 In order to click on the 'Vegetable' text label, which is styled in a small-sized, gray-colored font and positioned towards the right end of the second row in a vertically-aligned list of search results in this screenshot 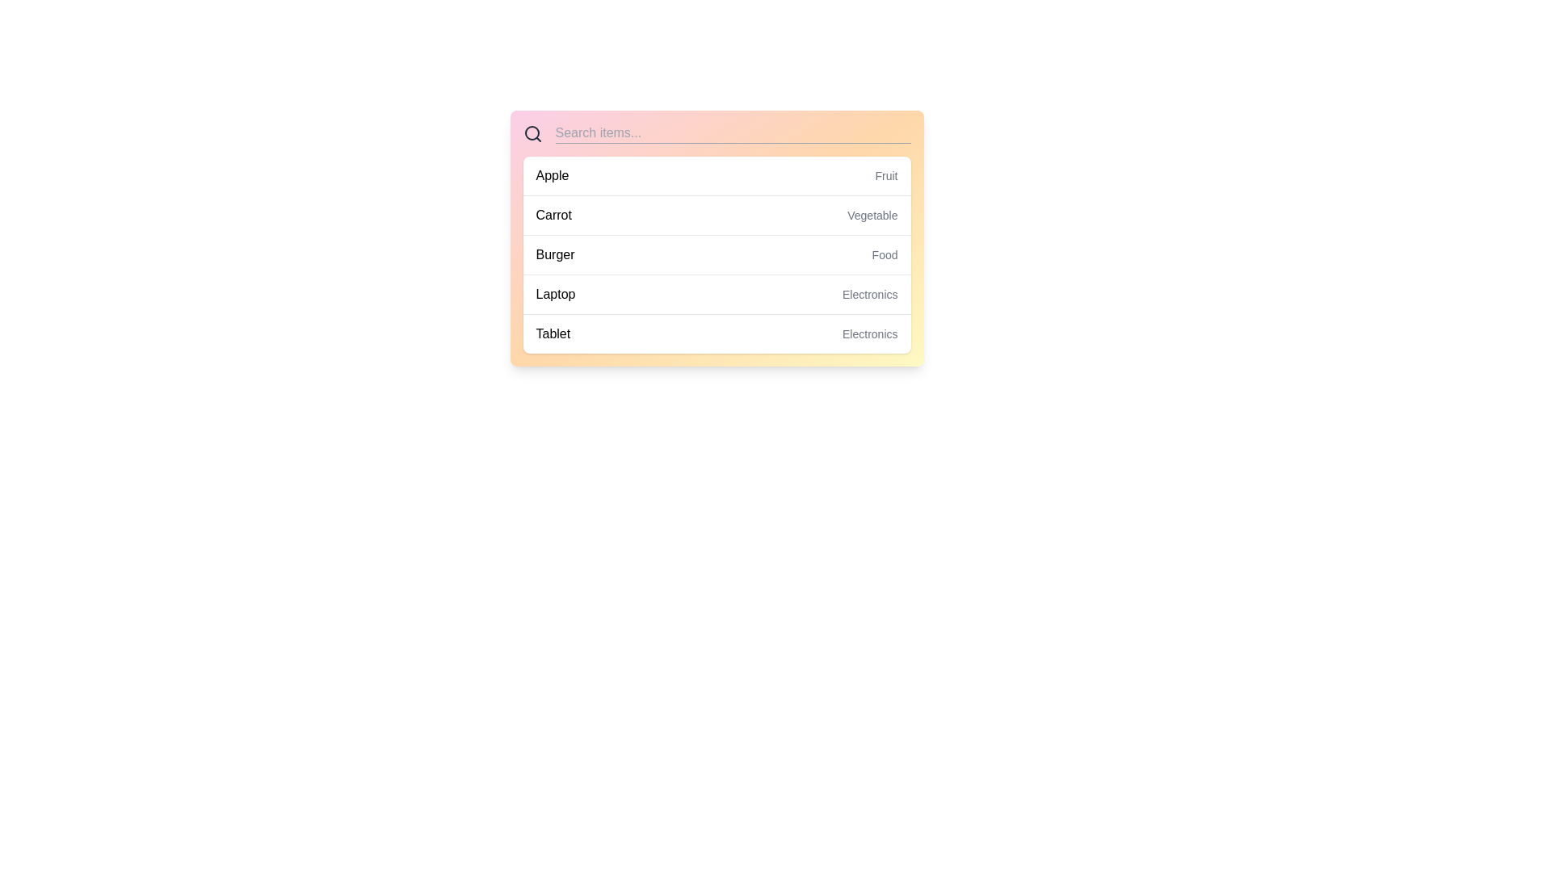, I will do `click(872, 214)`.